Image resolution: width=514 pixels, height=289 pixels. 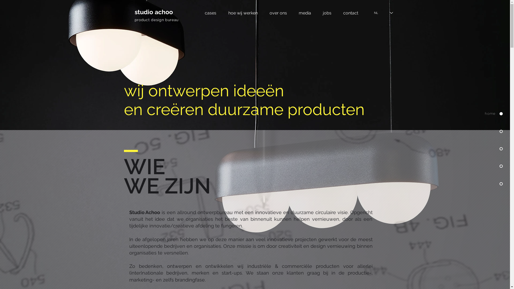 What do you see at coordinates (243, 13) in the screenshot?
I see `'hoe wij werken'` at bounding box center [243, 13].